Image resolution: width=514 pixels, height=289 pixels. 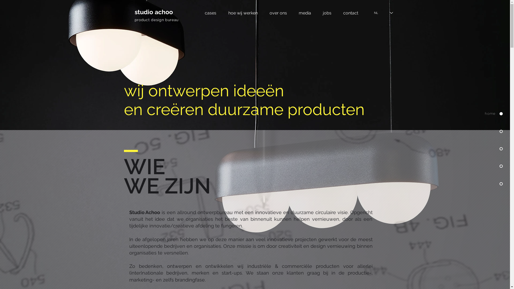 What do you see at coordinates (243, 13) in the screenshot?
I see `'hoe wij werken'` at bounding box center [243, 13].